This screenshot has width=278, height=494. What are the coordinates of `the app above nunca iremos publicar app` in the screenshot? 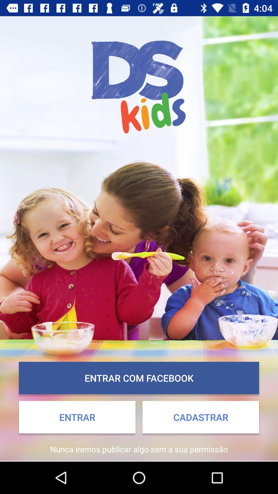 It's located at (200, 417).